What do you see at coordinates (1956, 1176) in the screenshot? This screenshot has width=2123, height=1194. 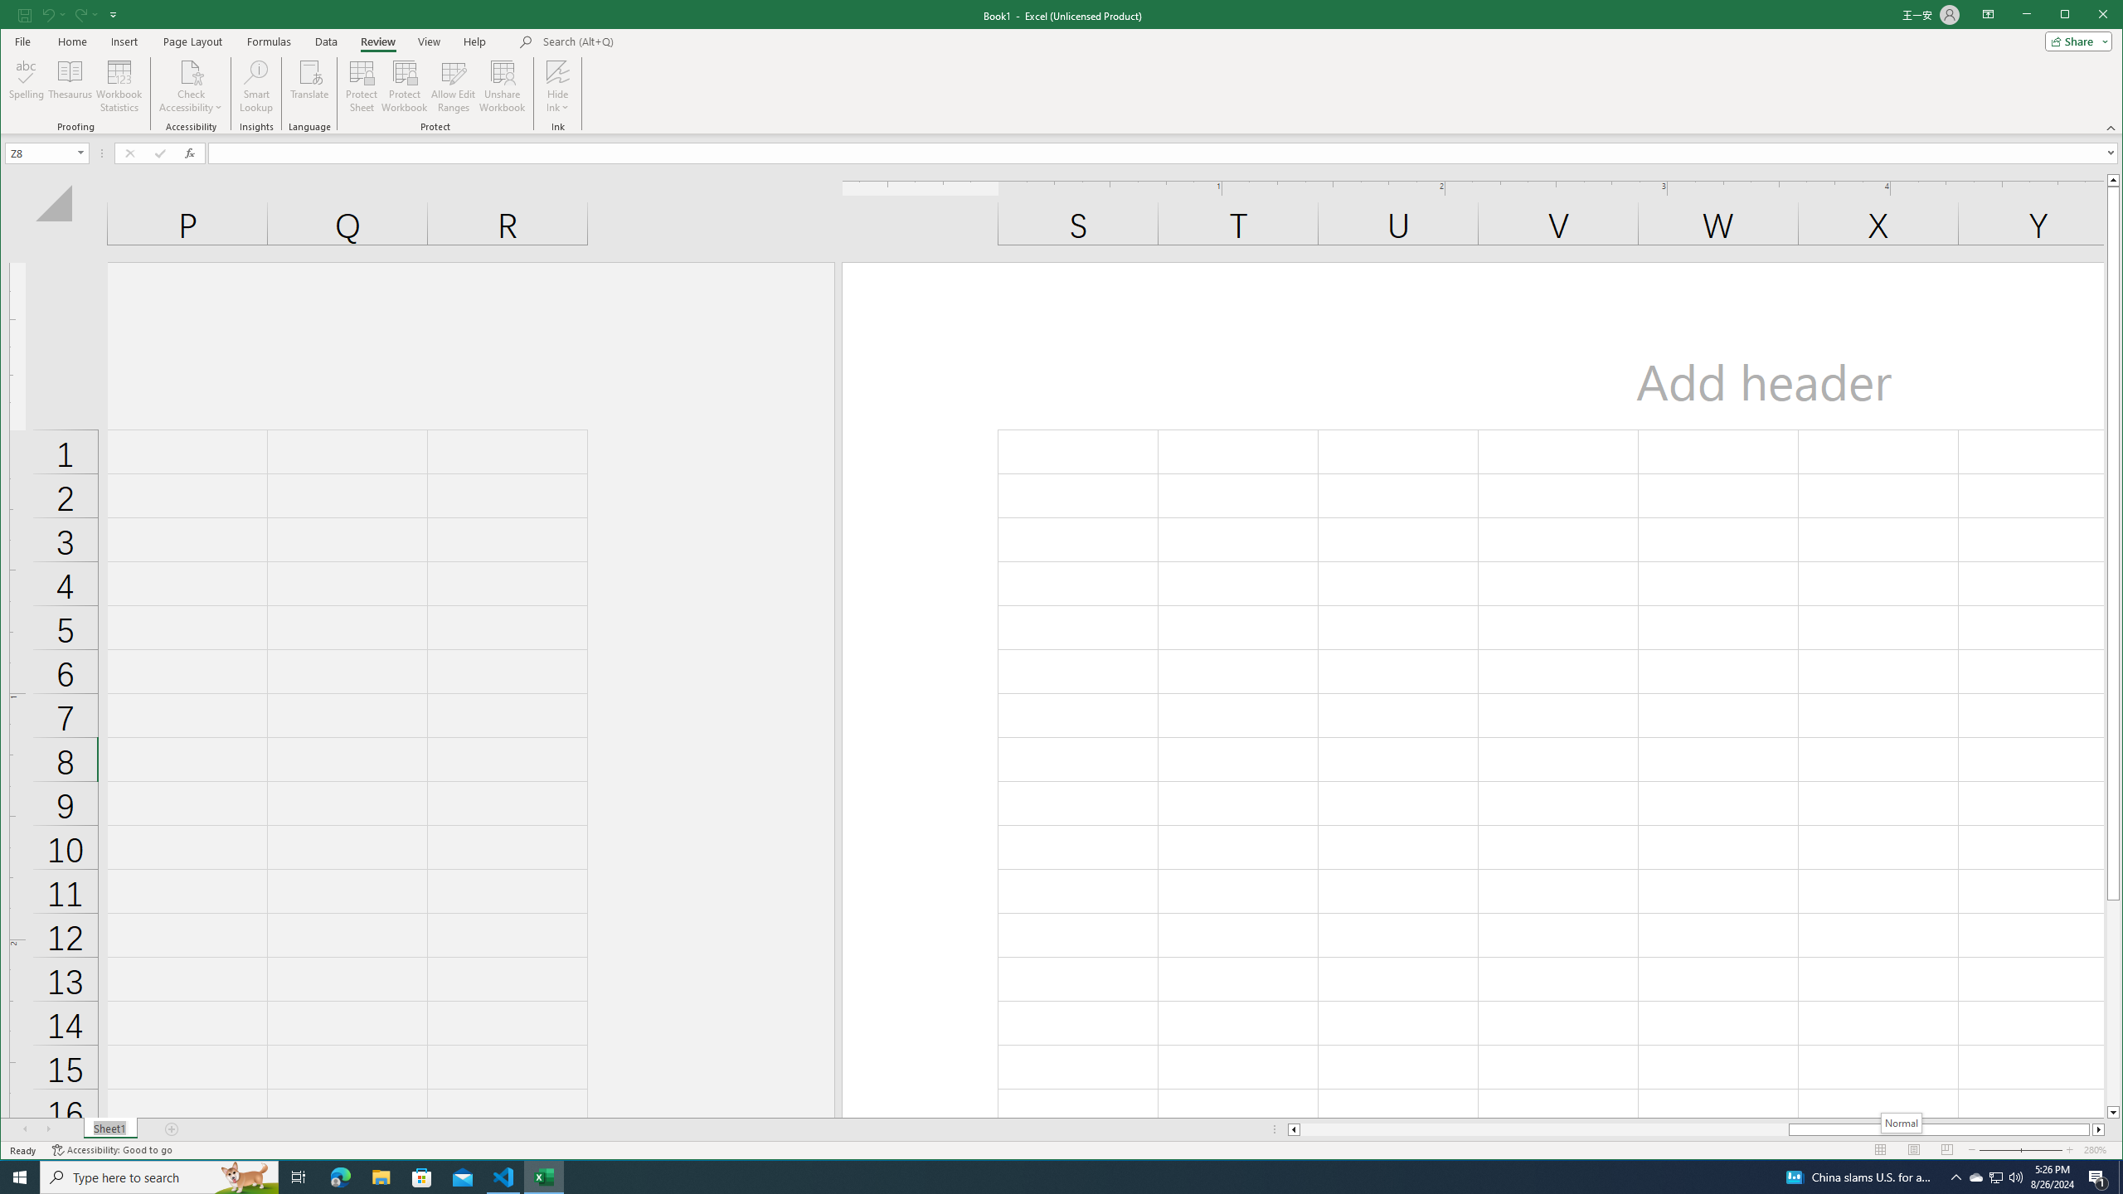 I see `'Notification Chevron'` at bounding box center [1956, 1176].